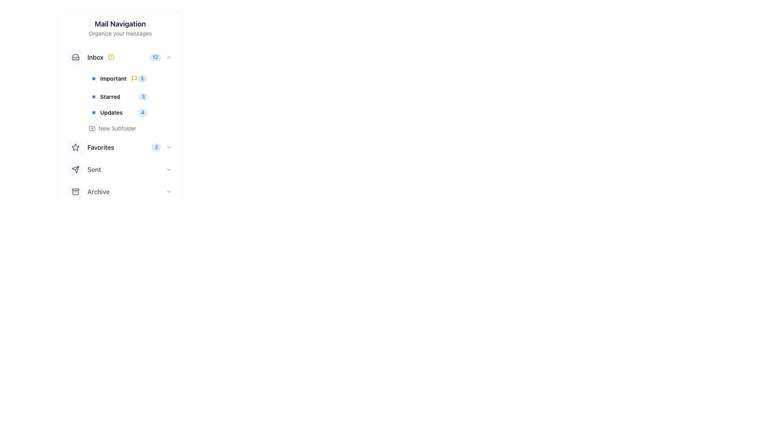 The height and width of the screenshot is (427, 760). I want to click on the icon button representing a paper plane, which is located in the 'Favorites' section of the navigation menu, next to the 'Sent' label, so click(76, 169).